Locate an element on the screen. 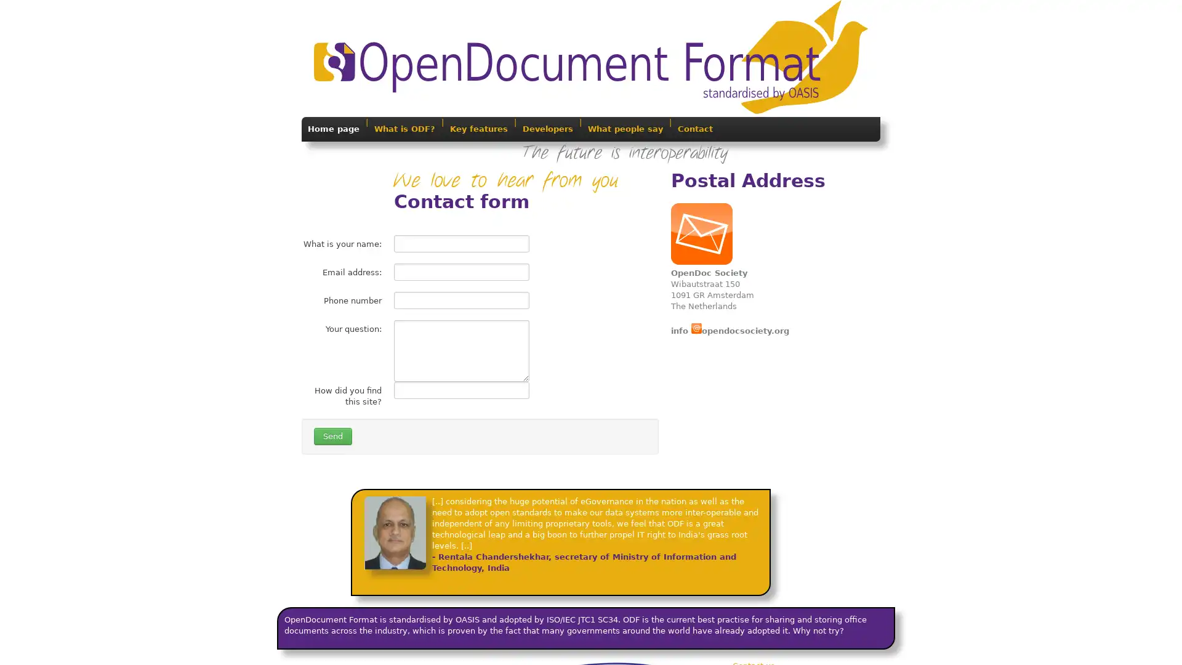 The height and width of the screenshot is (665, 1182). Send is located at coordinates (333, 436).